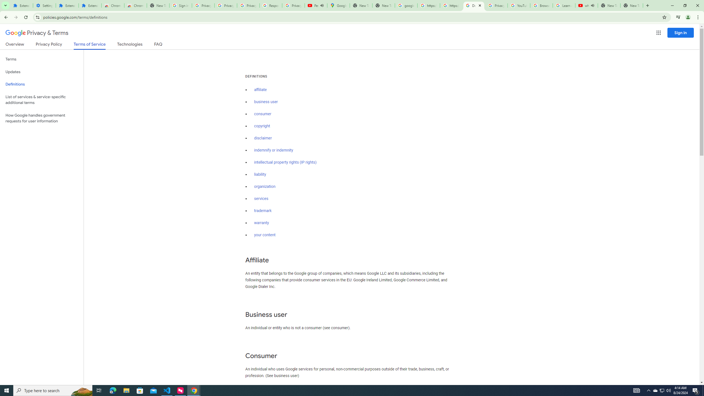 Image resolution: width=704 pixels, height=396 pixels. Describe the element at coordinates (135, 5) in the screenshot. I see `'Chrome Web Store - Themes'` at that location.